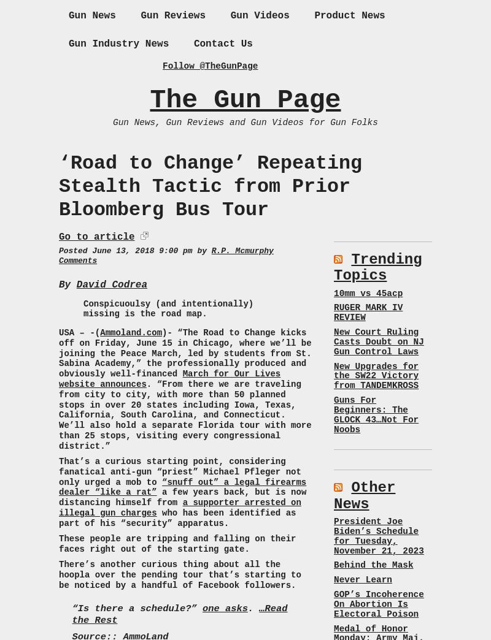 Image resolution: width=491 pixels, height=640 pixels. I want to click on 'R.P. Mcmurphy', so click(211, 250).